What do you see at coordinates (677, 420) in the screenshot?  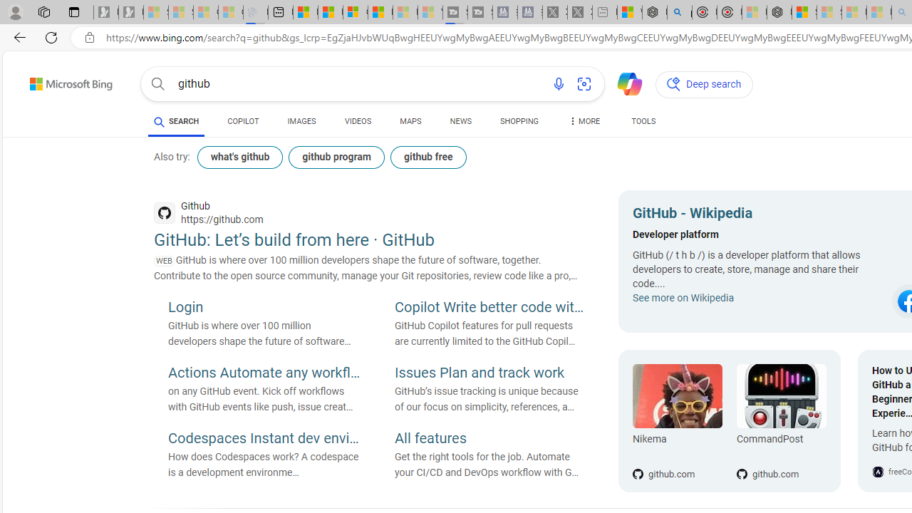 I see `'Nikema Nikema github.com'` at bounding box center [677, 420].